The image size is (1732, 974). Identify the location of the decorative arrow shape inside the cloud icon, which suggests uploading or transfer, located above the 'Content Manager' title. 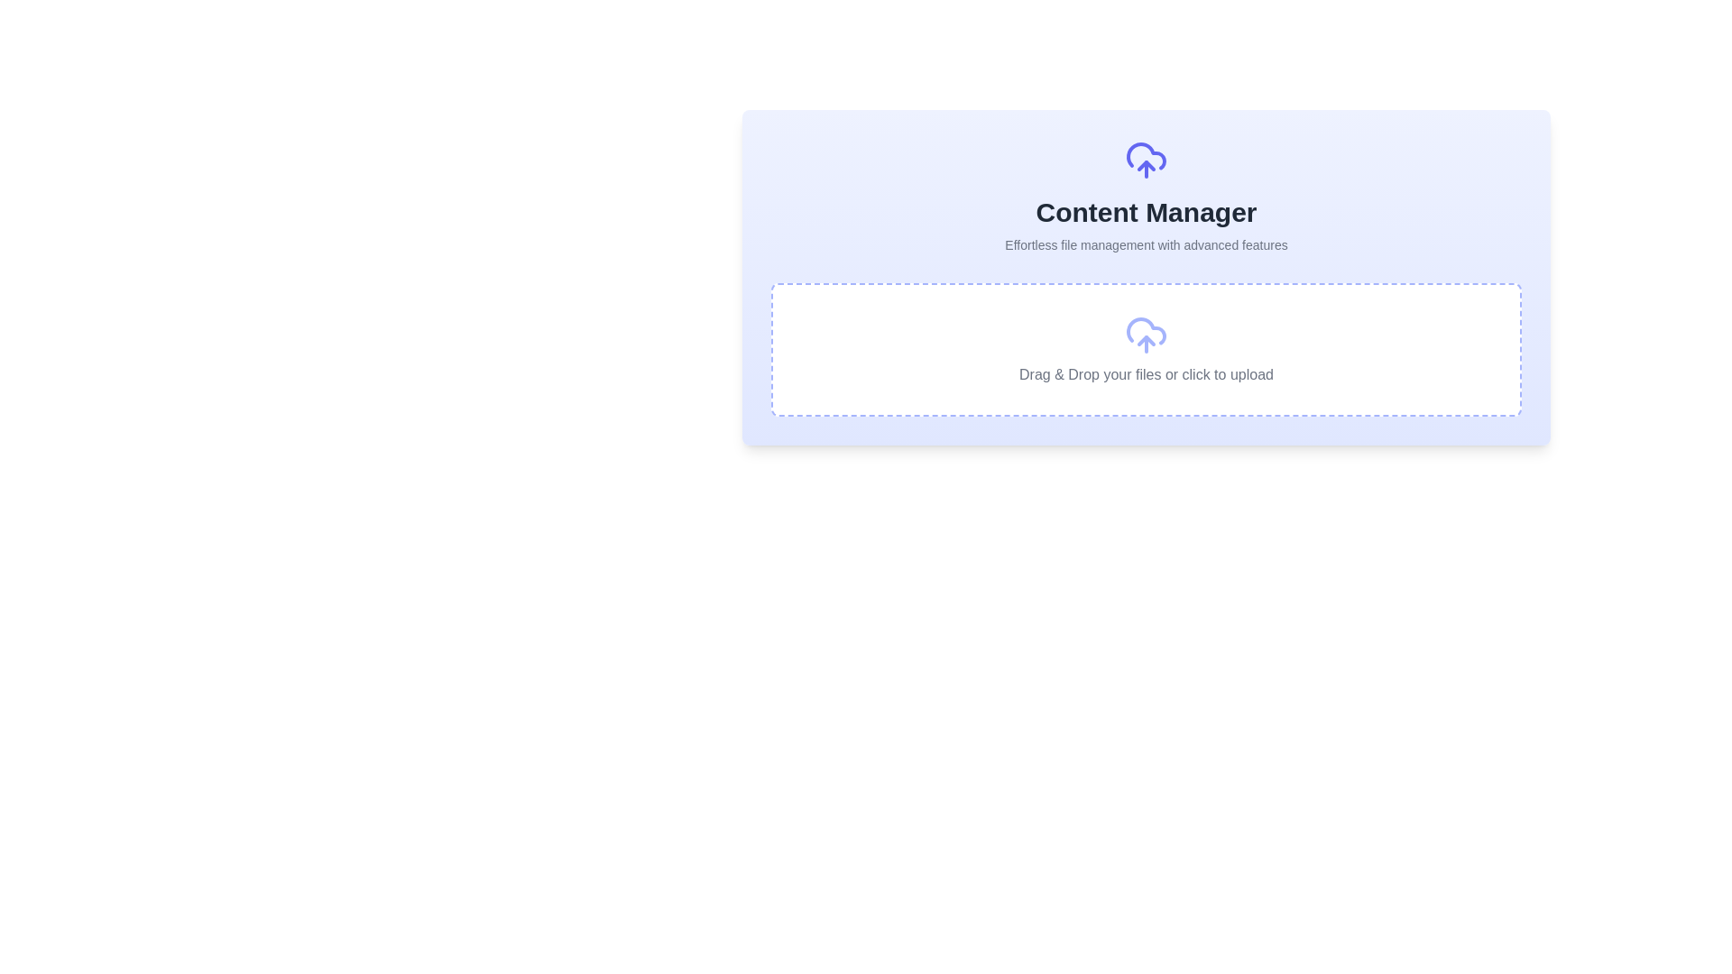
(1146, 166).